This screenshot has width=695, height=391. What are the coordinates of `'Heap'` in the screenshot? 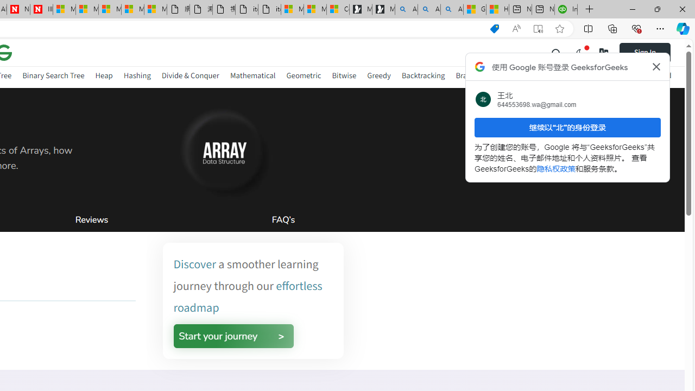 It's located at (104, 75).